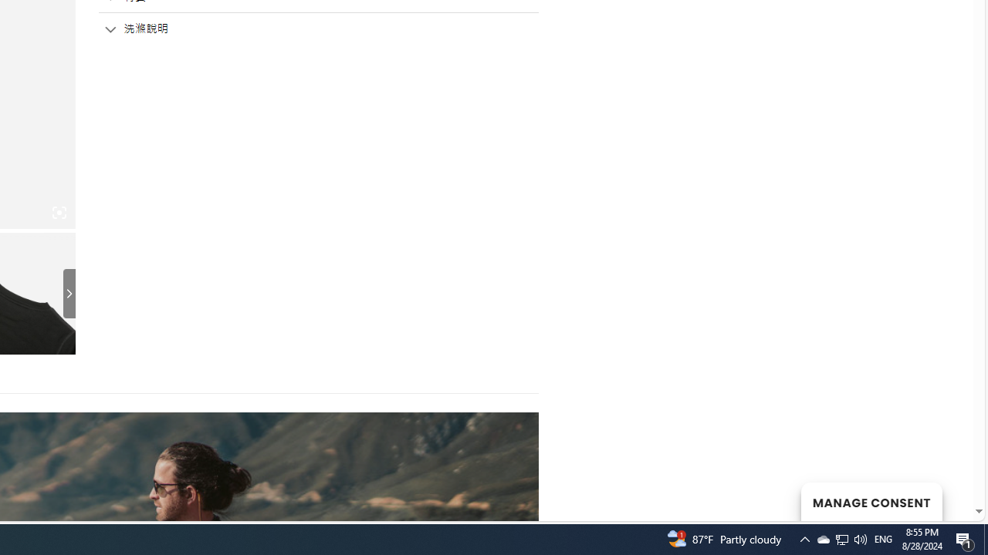 The height and width of the screenshot is (555, 988). What do you see at coordinates (871, 501) in the screenshot?
I see `'MANAGE CONSENT'` at bounding box center [871, 501].